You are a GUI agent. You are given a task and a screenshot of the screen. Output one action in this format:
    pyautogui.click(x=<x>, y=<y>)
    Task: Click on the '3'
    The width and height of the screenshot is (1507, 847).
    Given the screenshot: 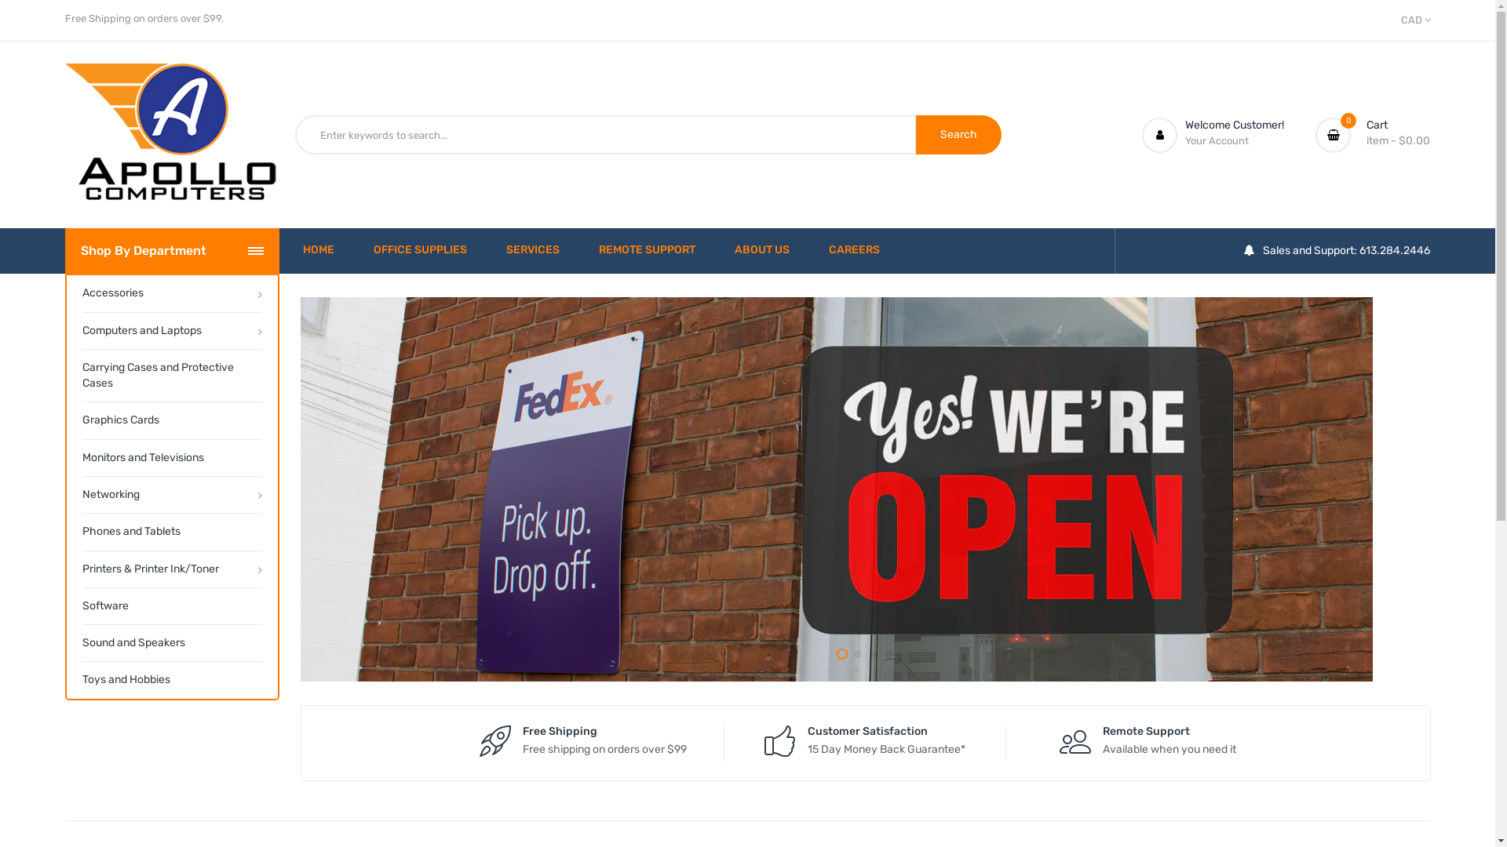 What is the action you would take?
    pyautogui.click(x=873, y=653)
    